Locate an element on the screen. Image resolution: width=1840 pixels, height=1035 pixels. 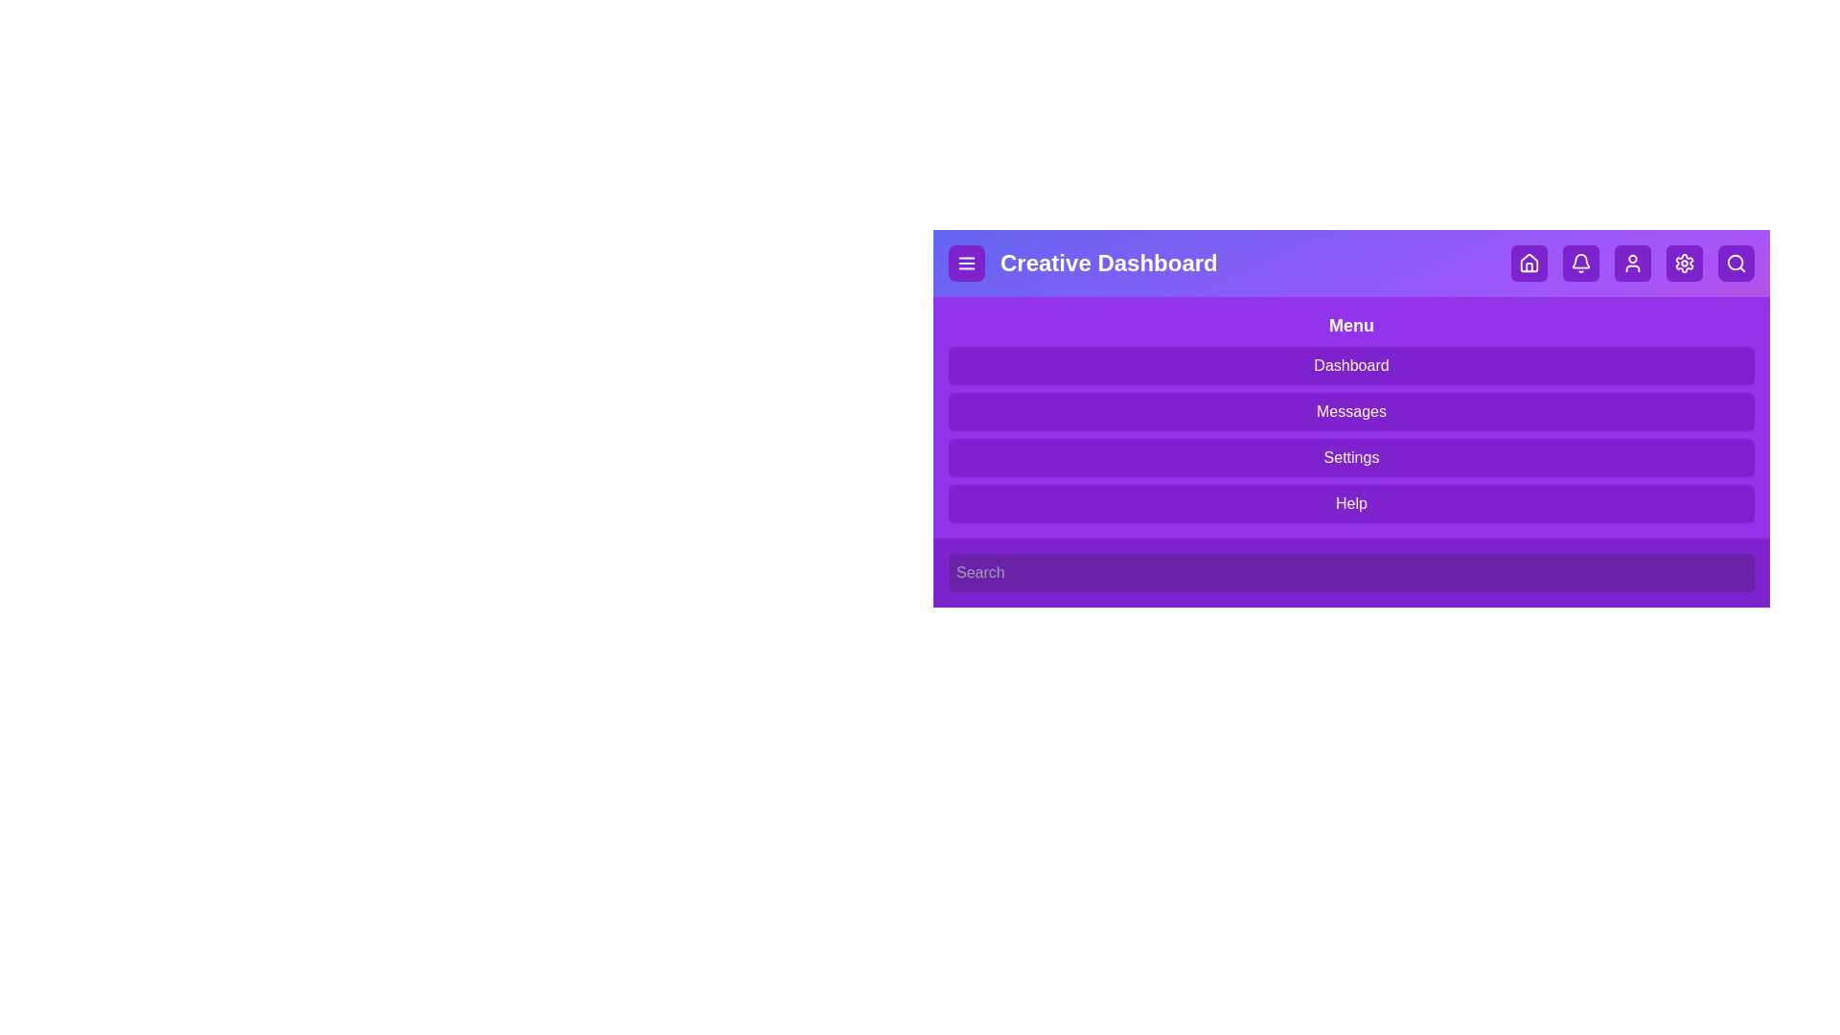
the search icon button to toggle the search bar visibility is located at coordinates (1736, 263).